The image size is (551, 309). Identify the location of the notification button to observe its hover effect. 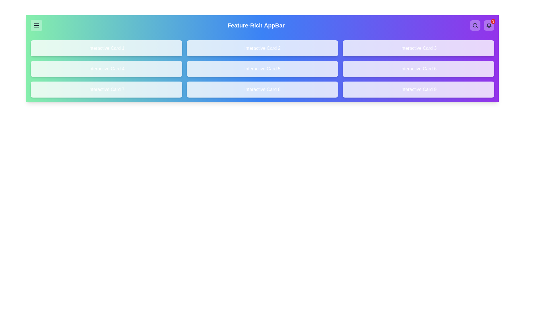
(489, 25).